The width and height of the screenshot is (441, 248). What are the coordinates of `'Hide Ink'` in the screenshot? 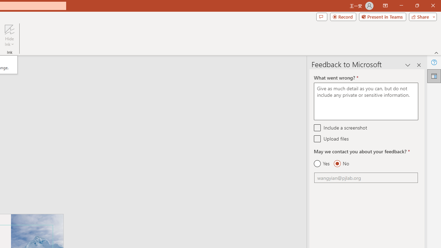 It's located at (9, 29).